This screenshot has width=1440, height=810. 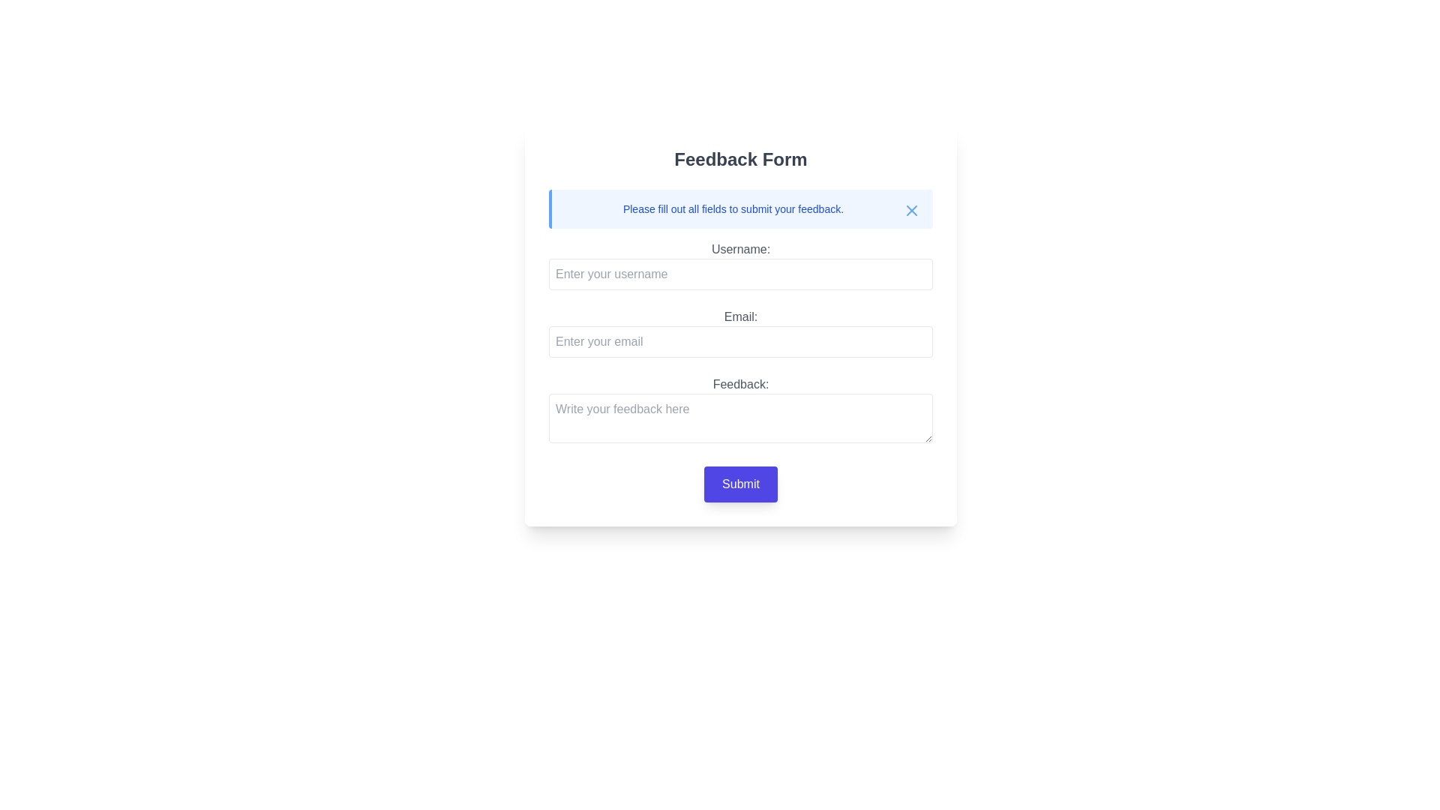 I want to click on the email input field to focus on it, which is labeled 'Email:' and has a placeholder 'Enter your email'. It is the second input section in the feedback form card, so click(x=741, y=331).